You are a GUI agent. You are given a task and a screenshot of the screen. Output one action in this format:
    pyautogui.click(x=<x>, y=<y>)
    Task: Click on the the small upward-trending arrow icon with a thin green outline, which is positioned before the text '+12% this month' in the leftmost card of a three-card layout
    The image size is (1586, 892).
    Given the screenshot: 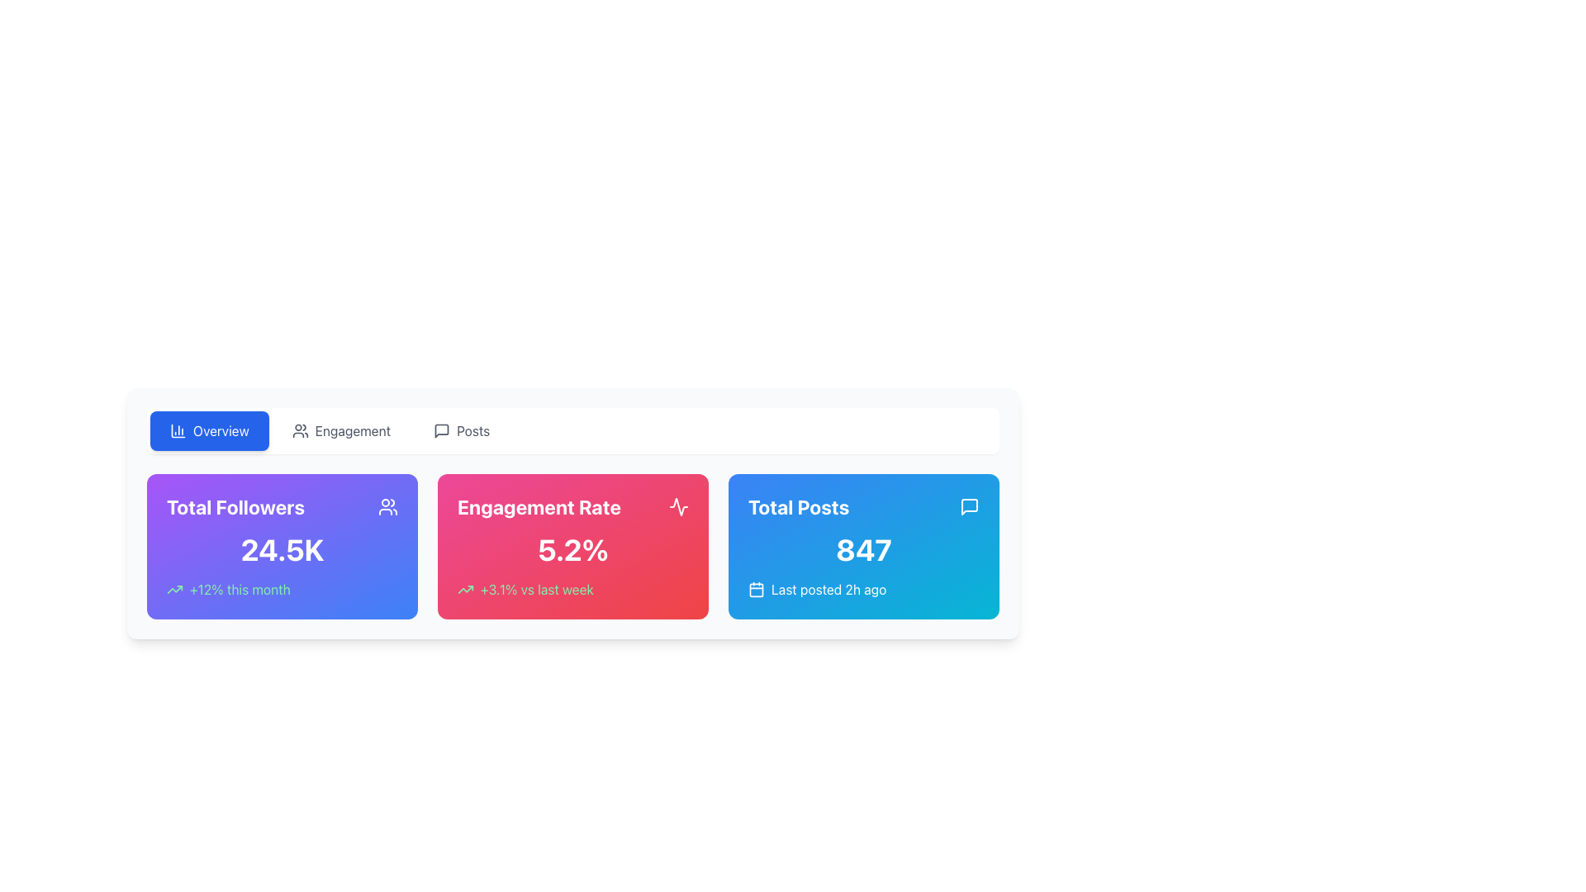 What is the action you would take?
    pyautogui.click(x=174, y=588)
    